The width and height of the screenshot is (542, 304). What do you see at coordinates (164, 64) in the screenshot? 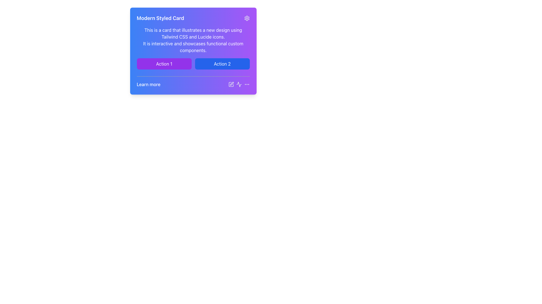
I see `the rectangular button with a purple background and white text labeled 'Action 1' located in the lower middle section of a card component` at bounding box center [164, 64].